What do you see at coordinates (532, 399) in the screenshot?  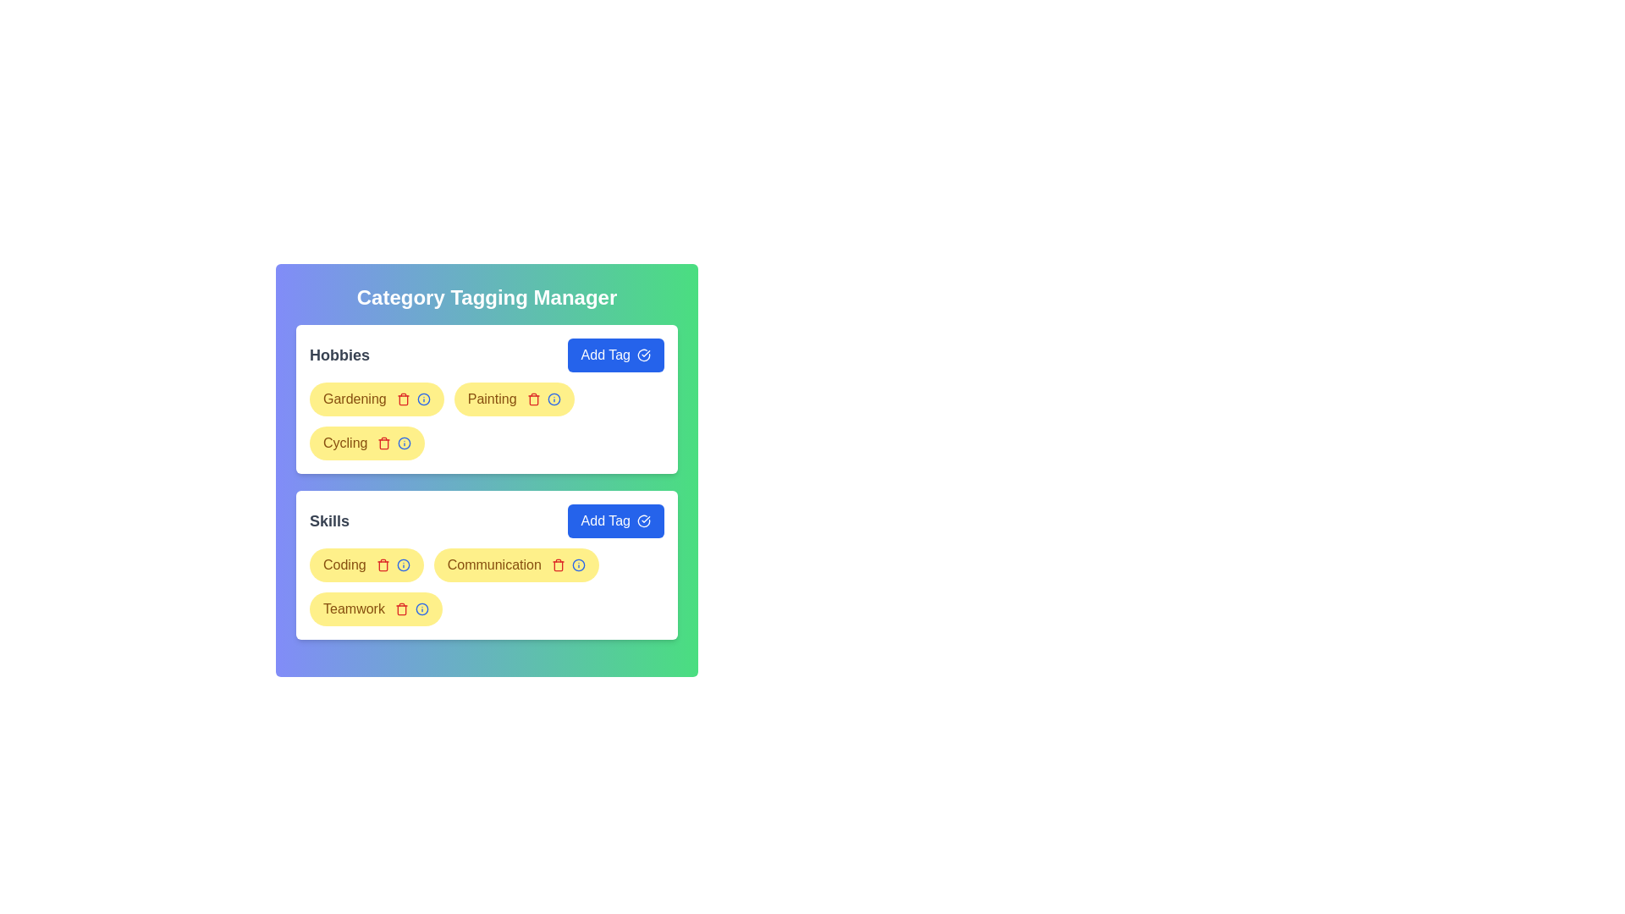 I see `the red trash icon button located to the right of the 'Painting' text` at bounding box center [532, 399].